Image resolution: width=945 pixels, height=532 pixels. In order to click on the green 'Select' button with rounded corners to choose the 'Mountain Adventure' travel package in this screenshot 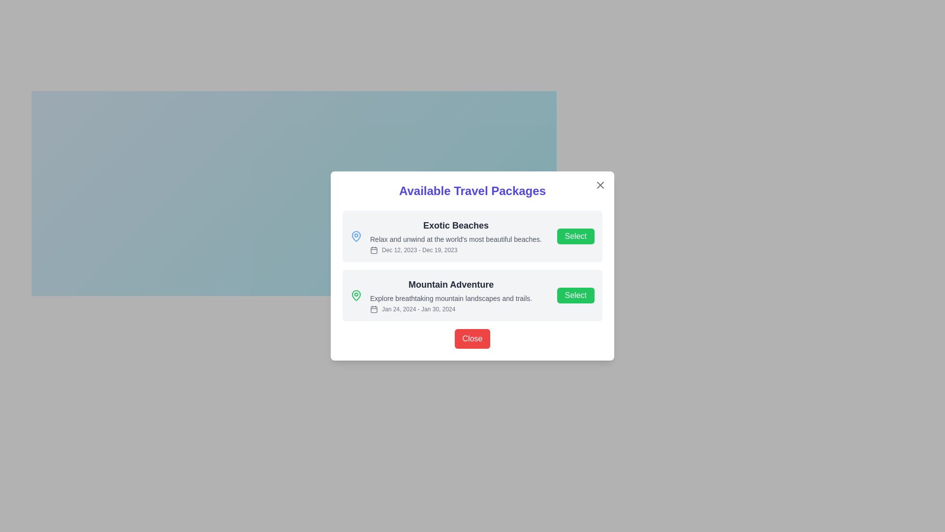, I will do `click(575, 295)`.